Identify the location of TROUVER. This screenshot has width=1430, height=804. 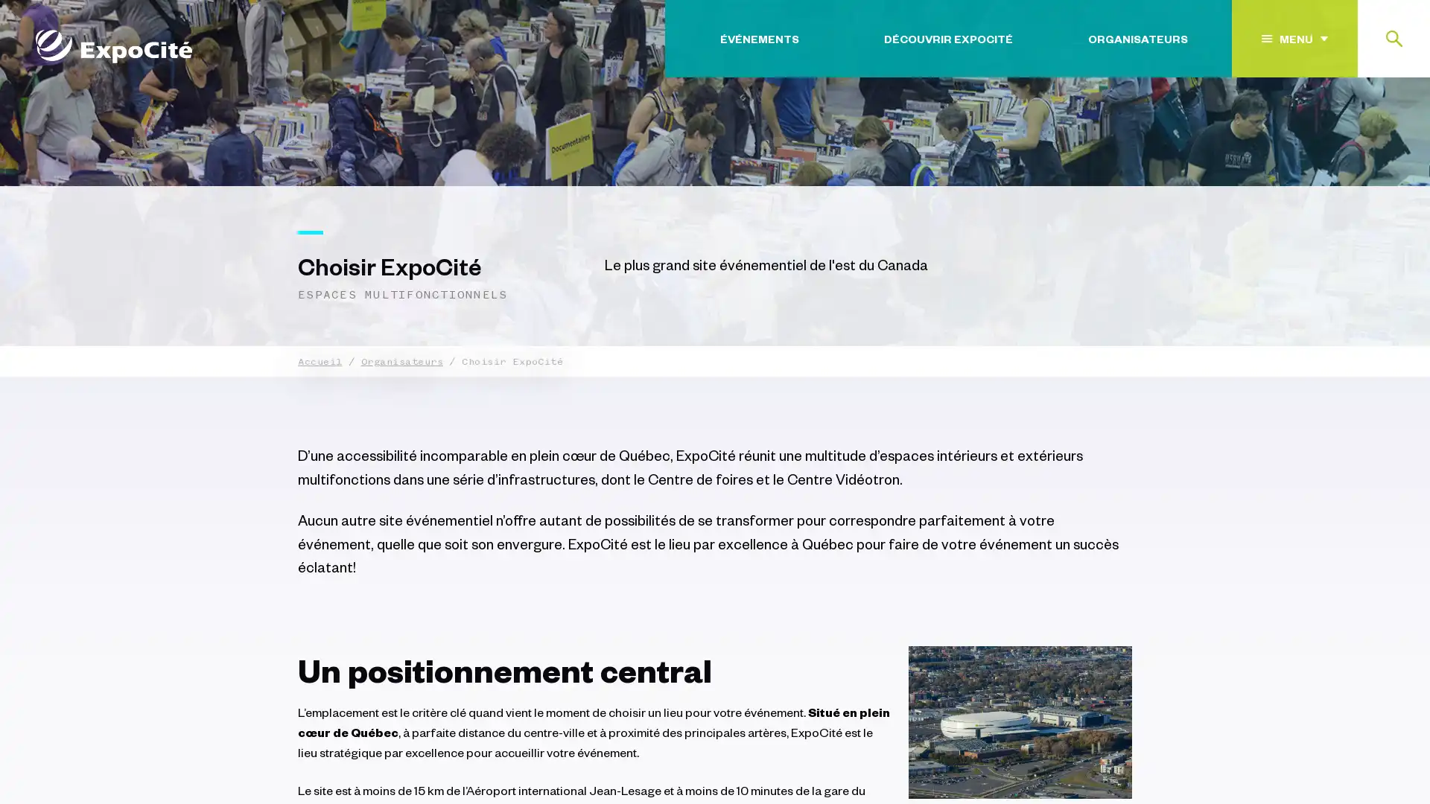
(1356, 129).